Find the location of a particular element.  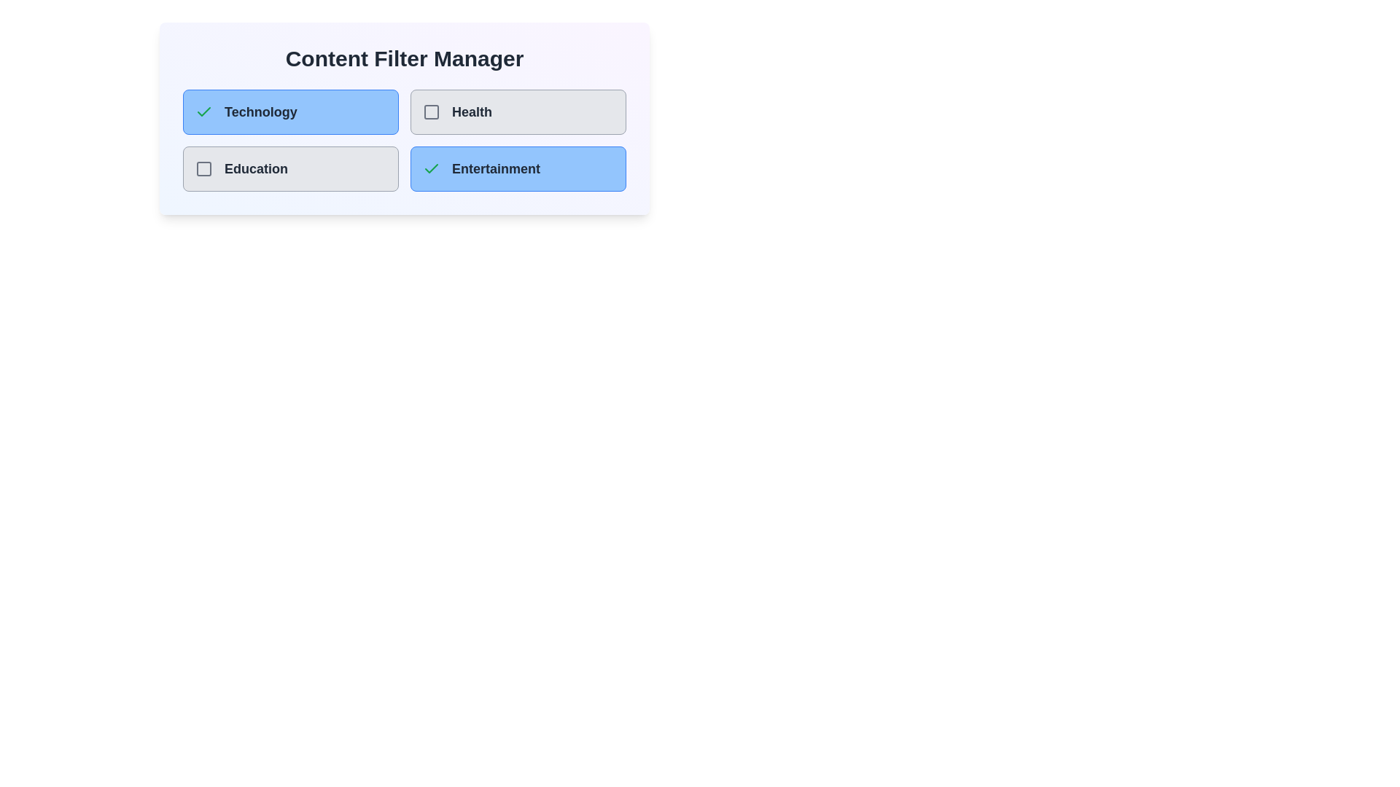

the category Entertainment is located at coordinates (430, 168).